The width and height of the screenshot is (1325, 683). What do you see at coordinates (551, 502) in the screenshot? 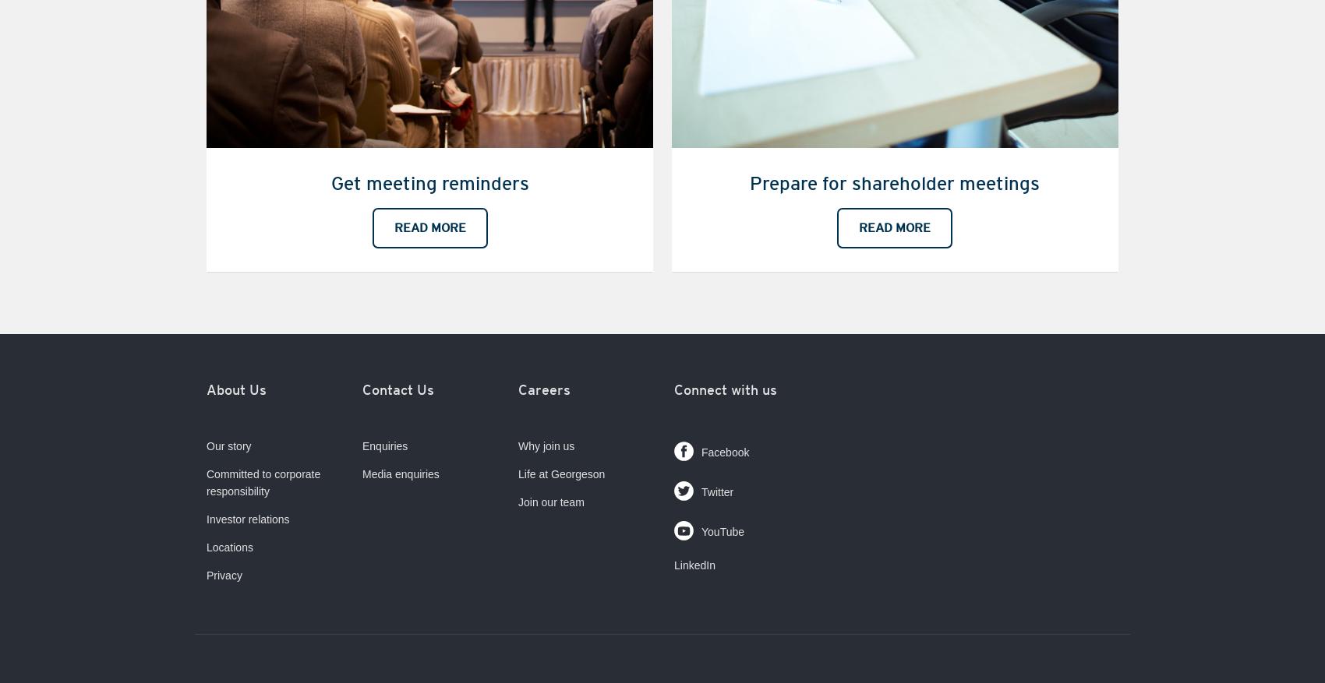
I see `'Join our team'` at bounding box center [551, 502].